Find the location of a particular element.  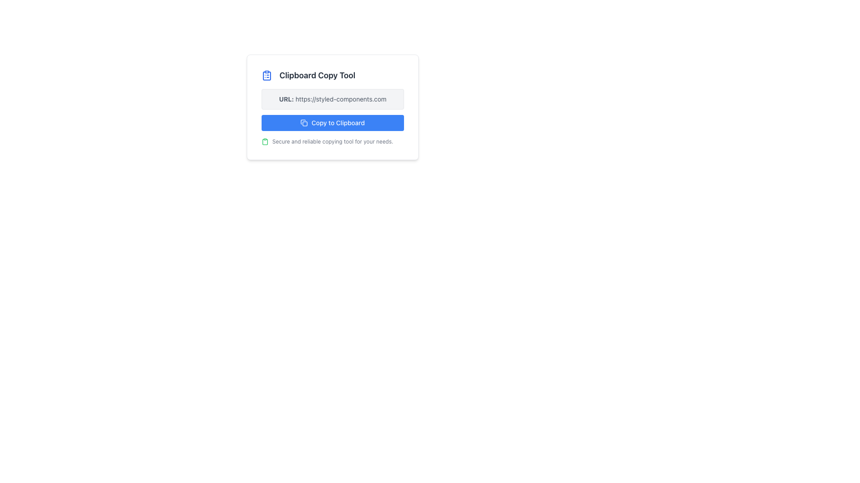

the clipboard icon, which is green and represents a copying or securing action is located at coordinates (264, 141).